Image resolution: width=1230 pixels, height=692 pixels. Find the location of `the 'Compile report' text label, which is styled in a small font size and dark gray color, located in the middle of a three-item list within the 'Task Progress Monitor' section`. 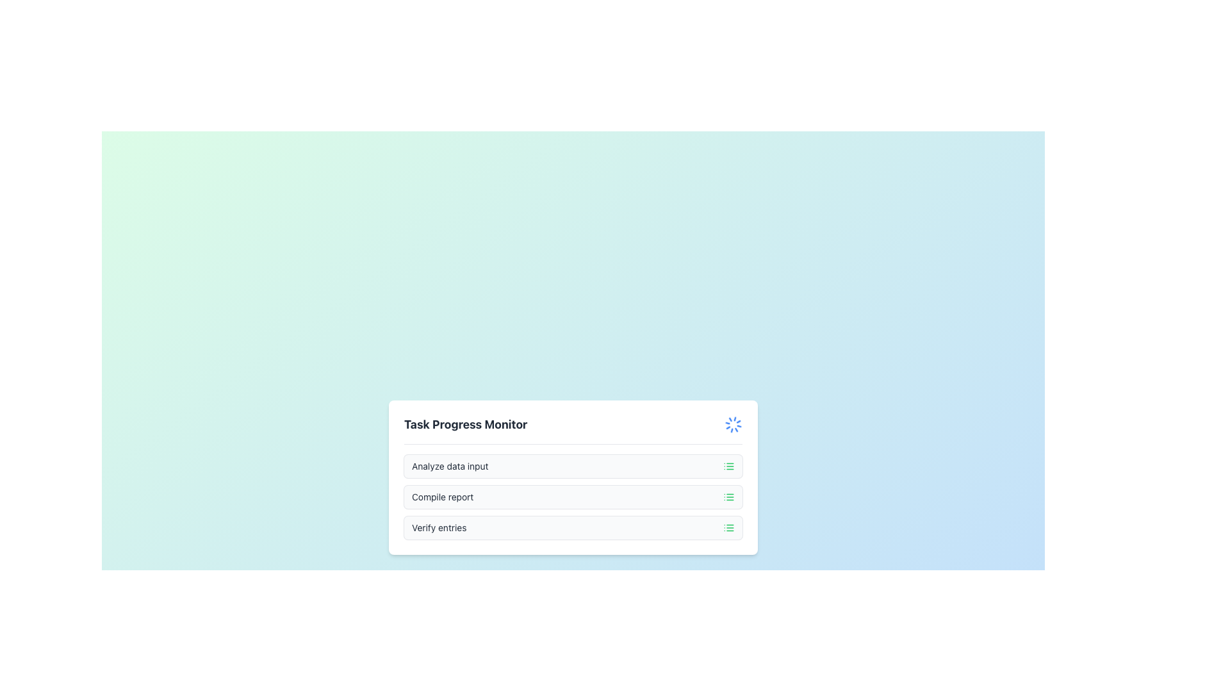

the 'Compile report' text label, which is styled in a small font size and dark gray color, located in the middle of a three-item list within the 'Task Progress Monitor' section is located at coordinates (443, 496).